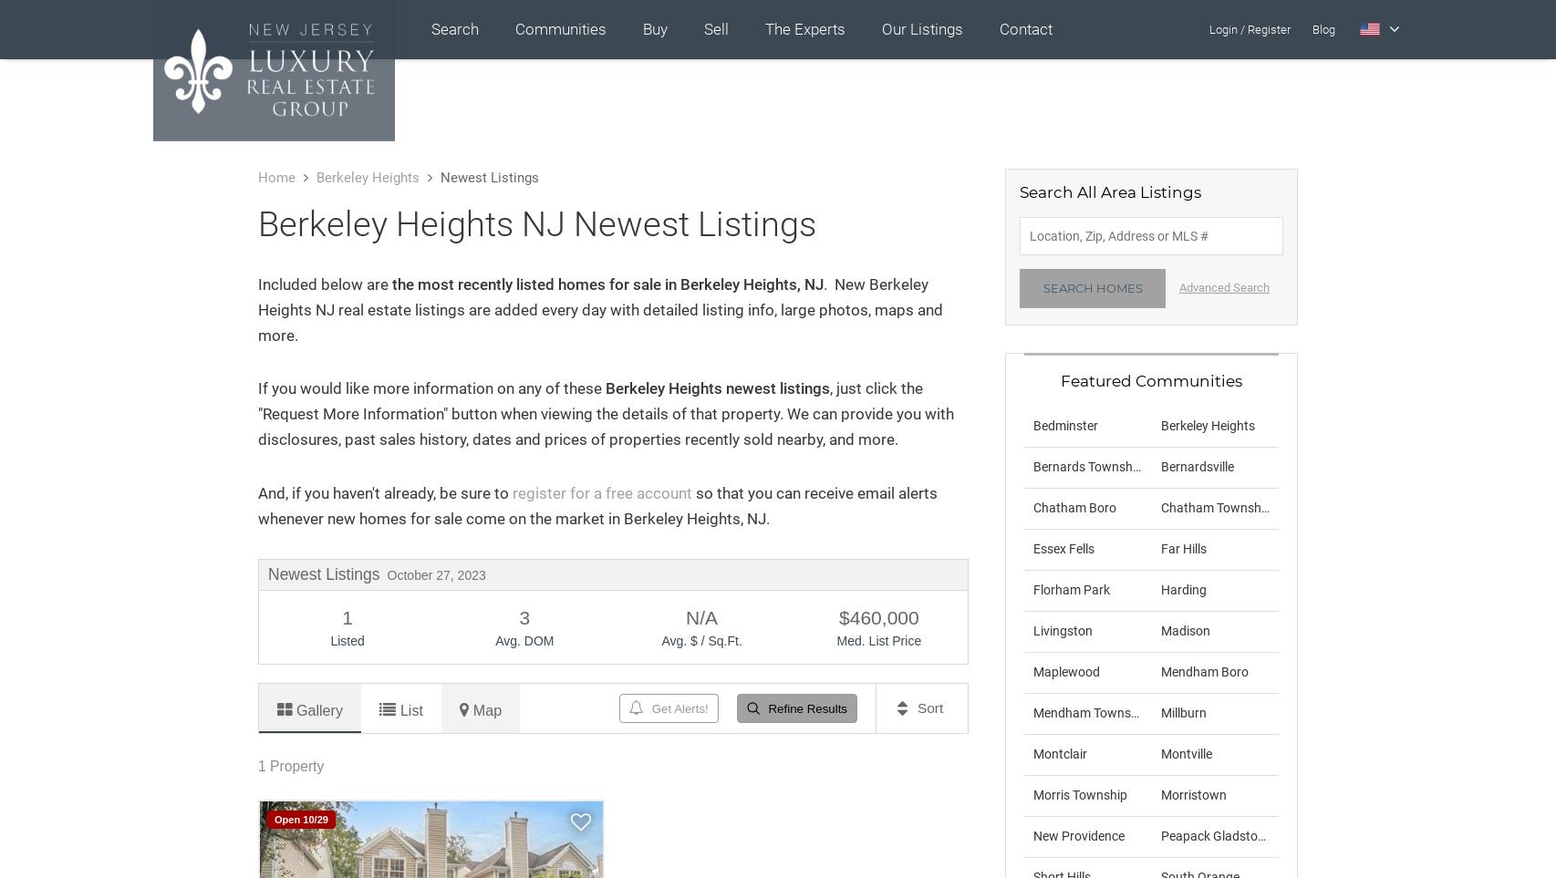 The width and height of the screenshot is (1556, 878). What do you see at coordinates (661, 708) in the screenshot?
I see `'Get'` at bounding box center [661, 708].